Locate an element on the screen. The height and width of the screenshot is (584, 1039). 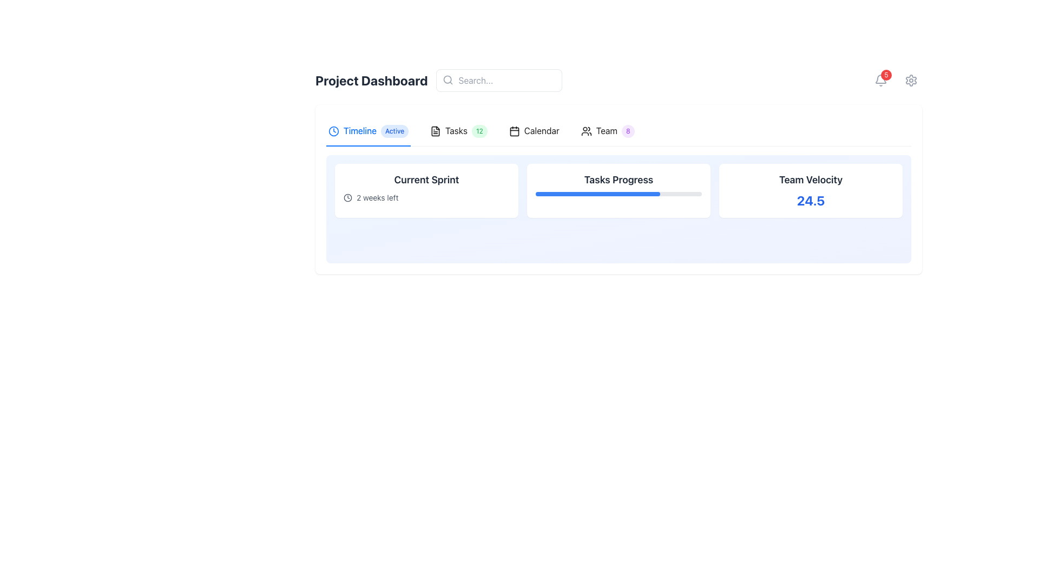
the Information Card located at the top left of the grid layout to check for any interactive effects is located at coordinates (426, 190).